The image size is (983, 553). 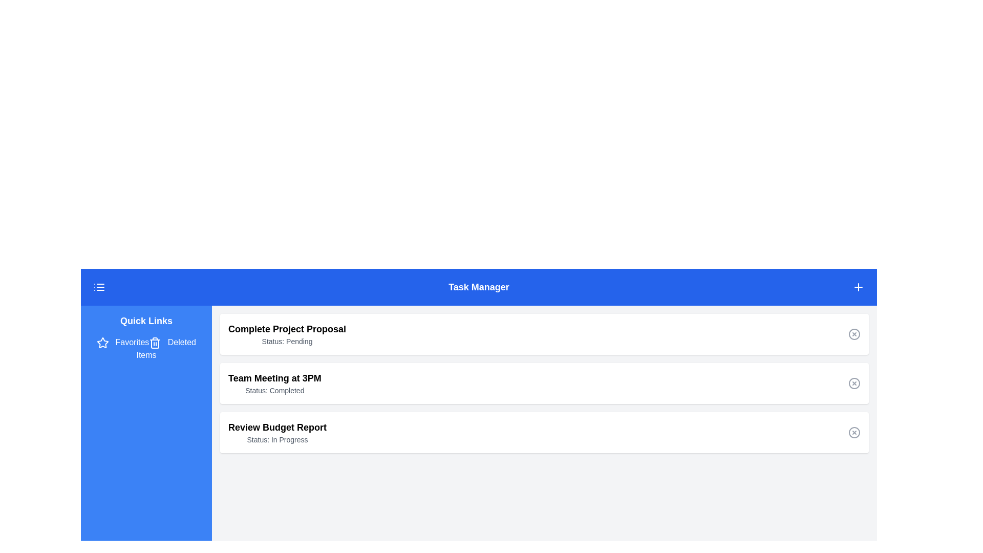 What do you see at coordinates (277, 432) in the screenshot?
I see `the text block displaying the title 'Review Budget Report' and status 'Status: In Progress', which is the third item in a vertical list of task entries` at bounding box center [277, 432].